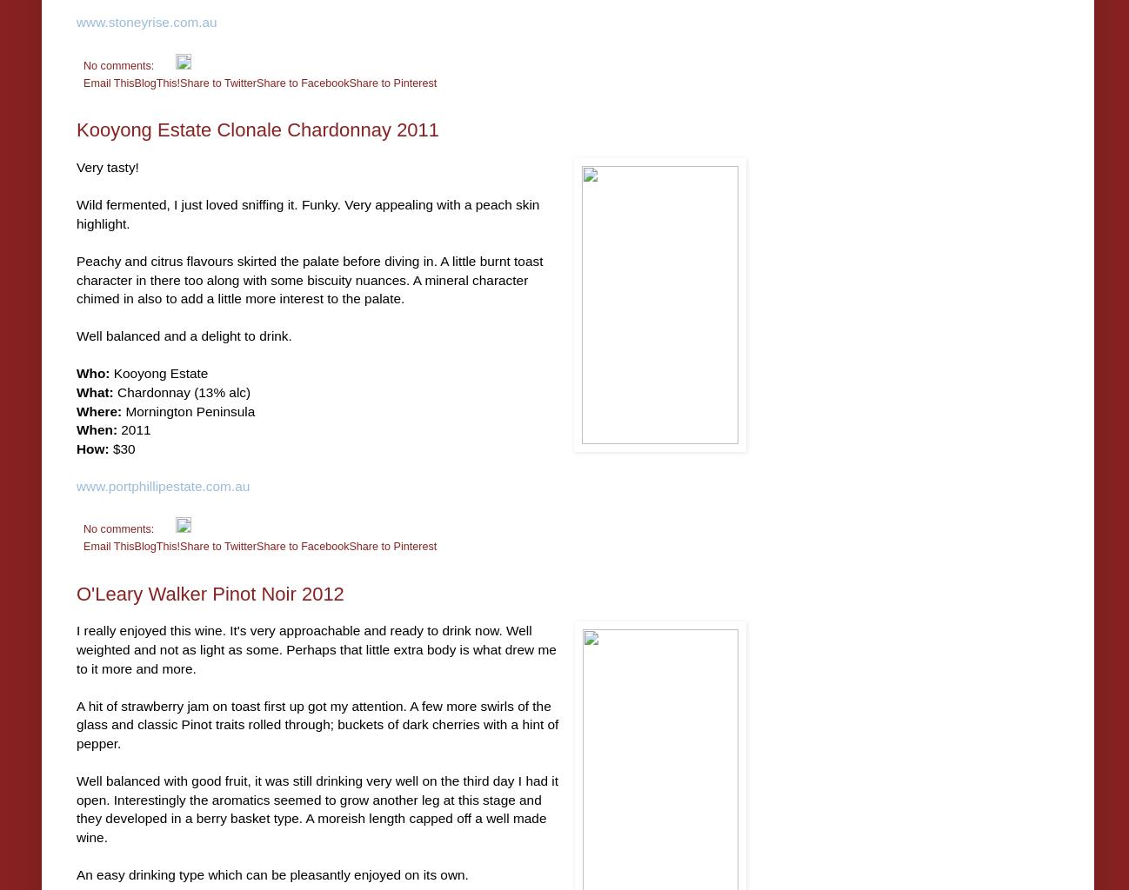 The image size is (1129, 890). What do you see at coordinates (181, 391) in the screenshot?
I see `'Chardonnay (13% alc)'` at bounding box center [181, 391].